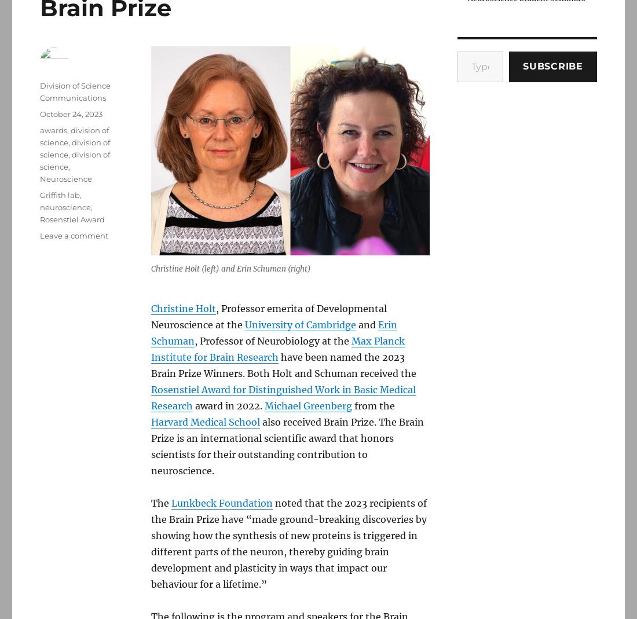  Describe the element at coordinates (230, 268) in the screenshot. I see `'Christine Holt (left) and Erin Schuman (right)'` at that location.